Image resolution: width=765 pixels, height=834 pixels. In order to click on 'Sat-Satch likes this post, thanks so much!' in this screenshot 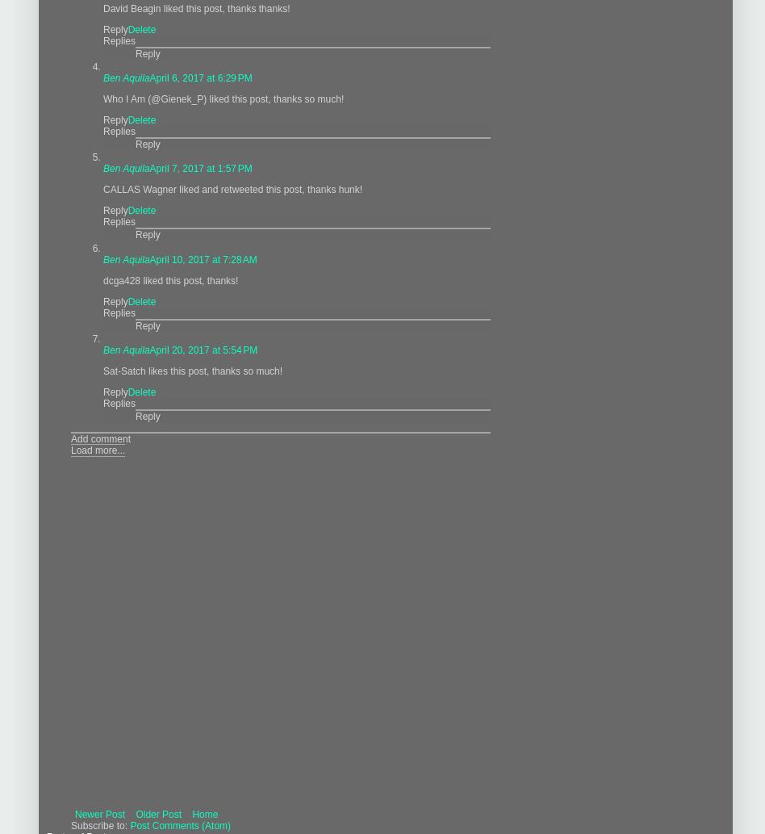, I will do `click(102, 371)`.